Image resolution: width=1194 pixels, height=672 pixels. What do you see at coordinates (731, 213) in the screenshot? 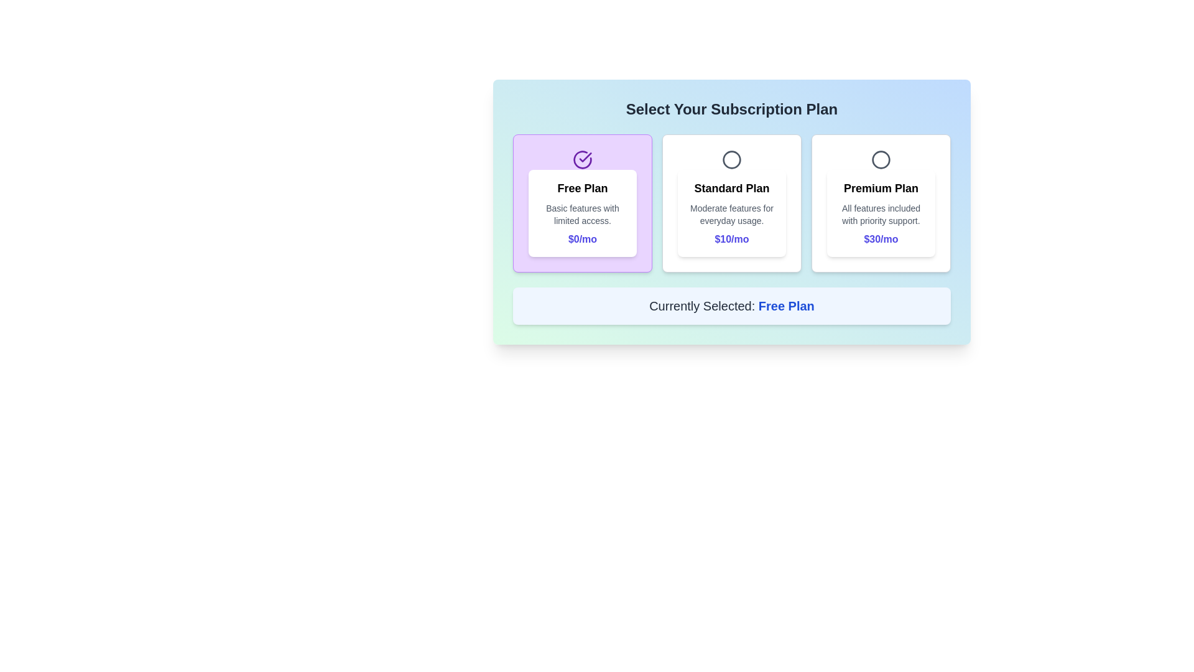
I see `the text label that describes the features or benefits of the 'Standard Plan,' which is located directly below the title 'Standard Plan' and above the pricing '$10/mo.'` at bounding box center [731, 213].